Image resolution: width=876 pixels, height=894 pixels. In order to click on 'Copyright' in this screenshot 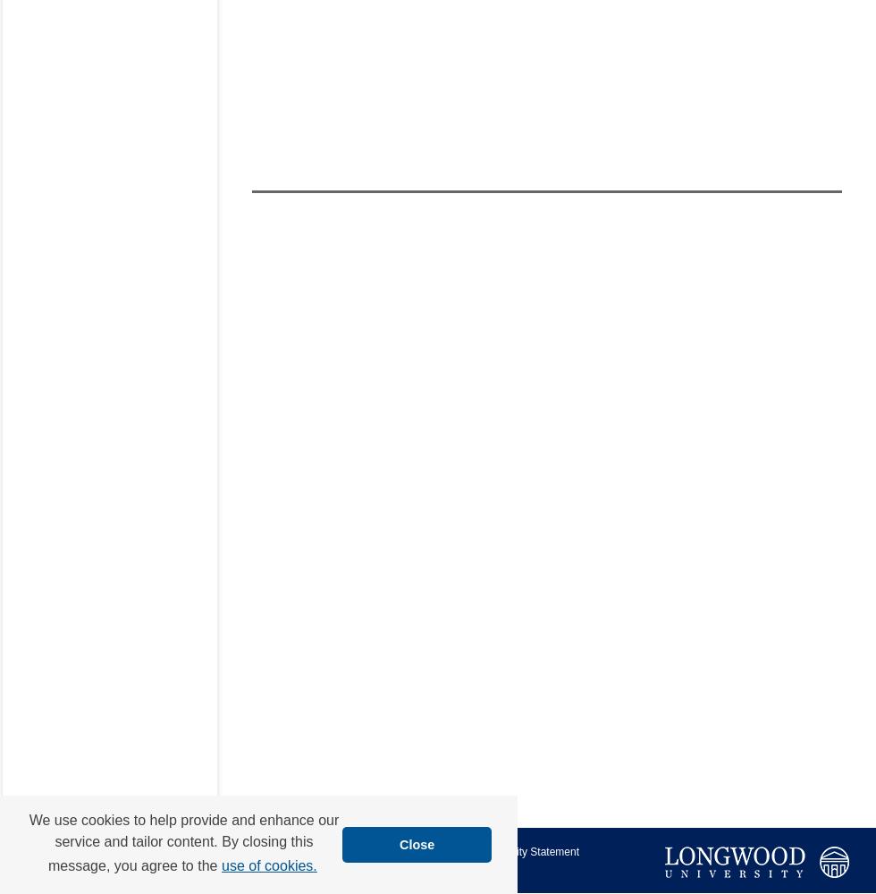, I will do `click(289, 868)`.